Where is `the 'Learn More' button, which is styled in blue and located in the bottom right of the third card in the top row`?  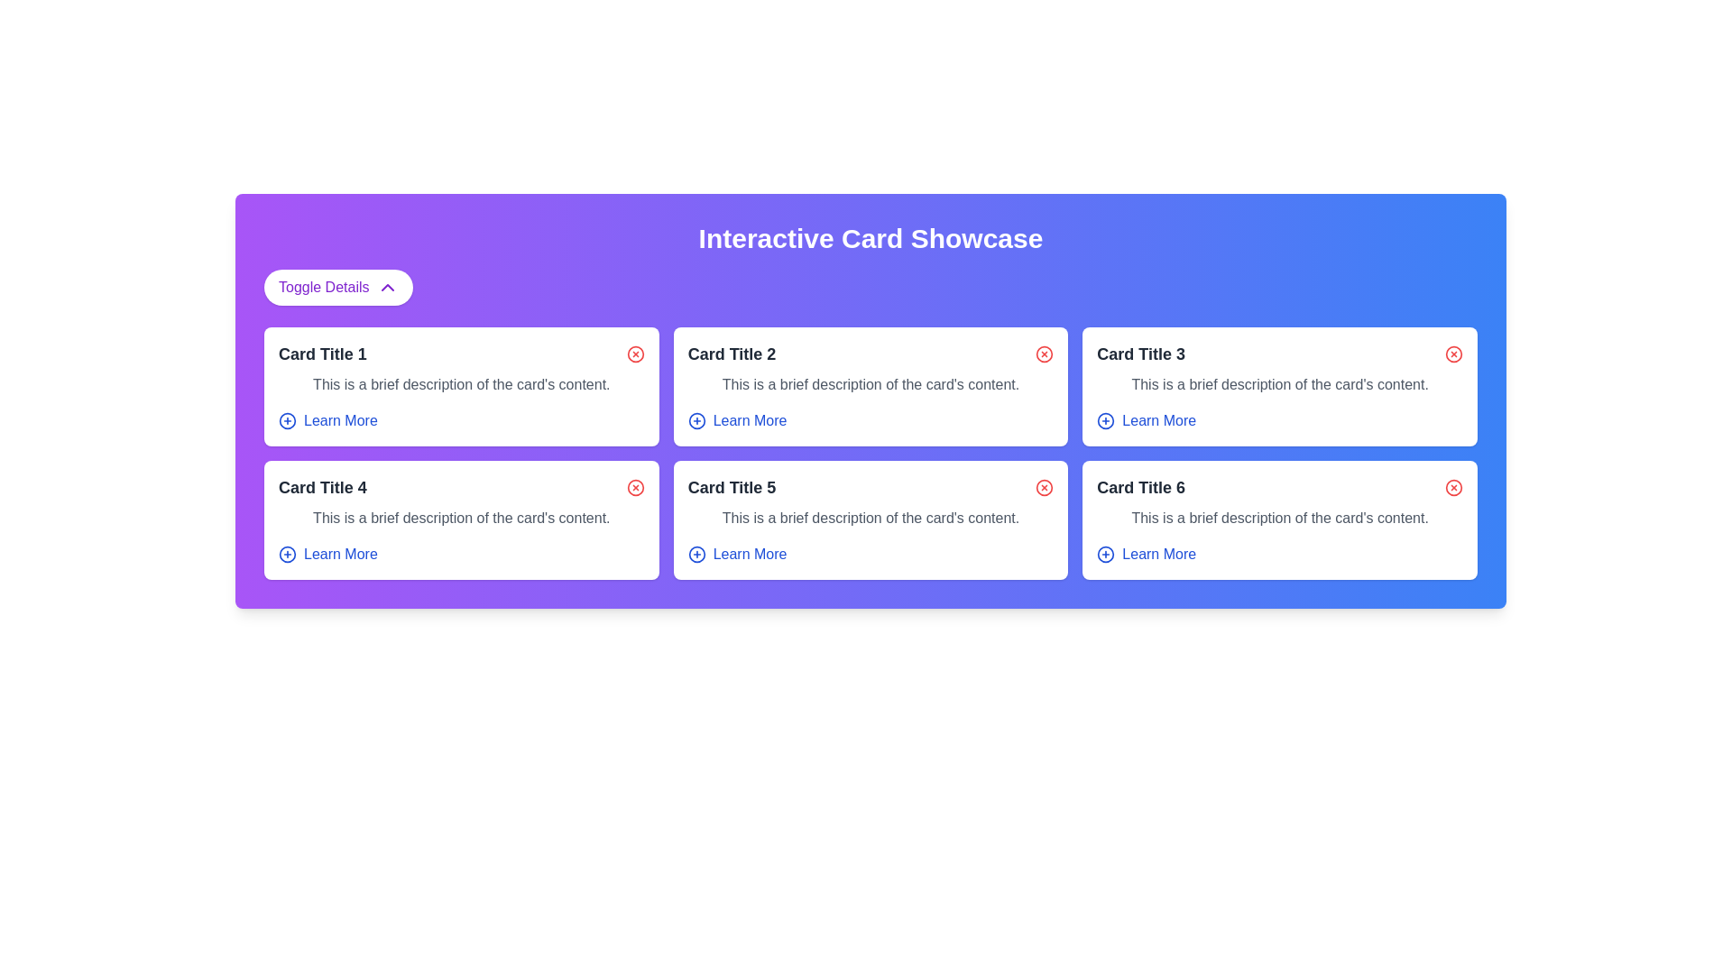
the 'Learn More' button, which is styled in blue and located in the bottom right of the third card in the top row is located at coordinates (1146, 420).